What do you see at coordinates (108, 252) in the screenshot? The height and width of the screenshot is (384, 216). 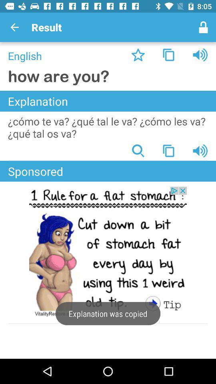 I see `the item below the sponsored` at bounding box center [108, 252].